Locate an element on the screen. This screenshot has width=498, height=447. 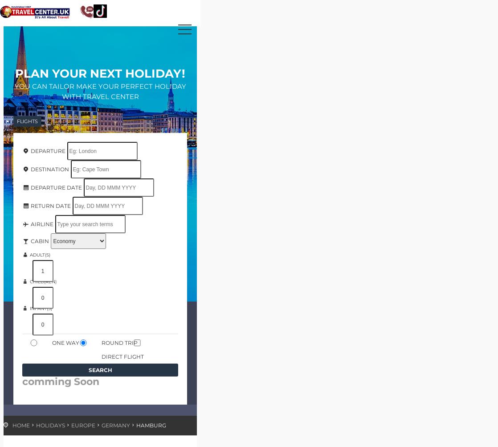
'Germany' is located at coordinates (116, 425).